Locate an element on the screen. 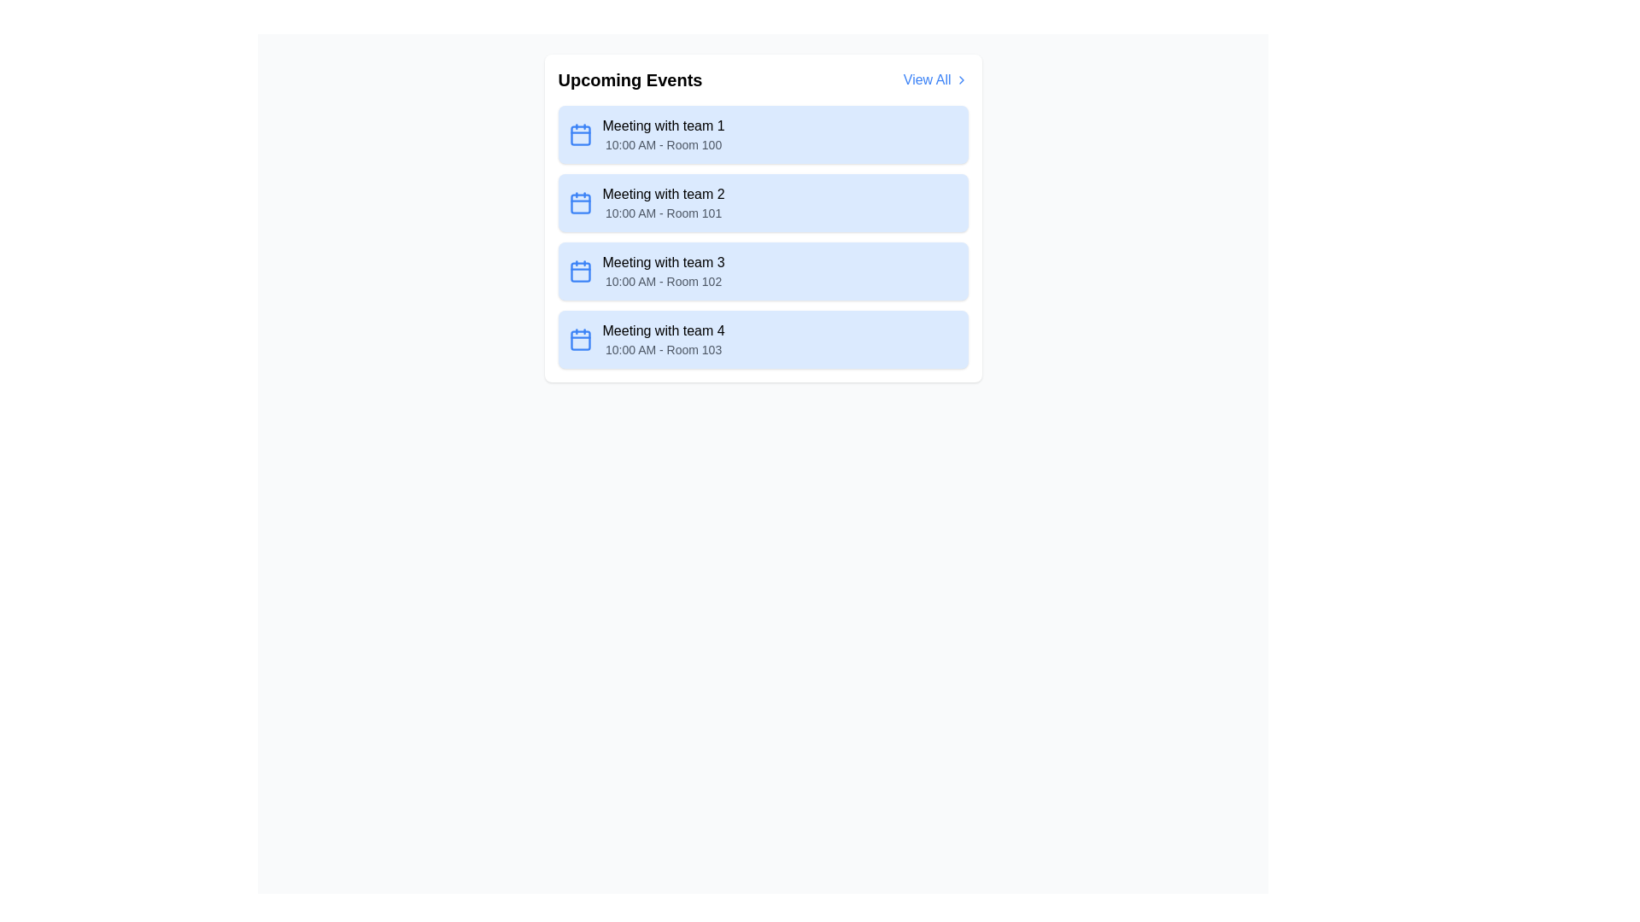 The image size is (1640, 922). the static text label identifying the event name, which is the second item under the 'Upcoming Events' header, located above '10:00 AM - Room 101' is located at coordinates (663, 193).